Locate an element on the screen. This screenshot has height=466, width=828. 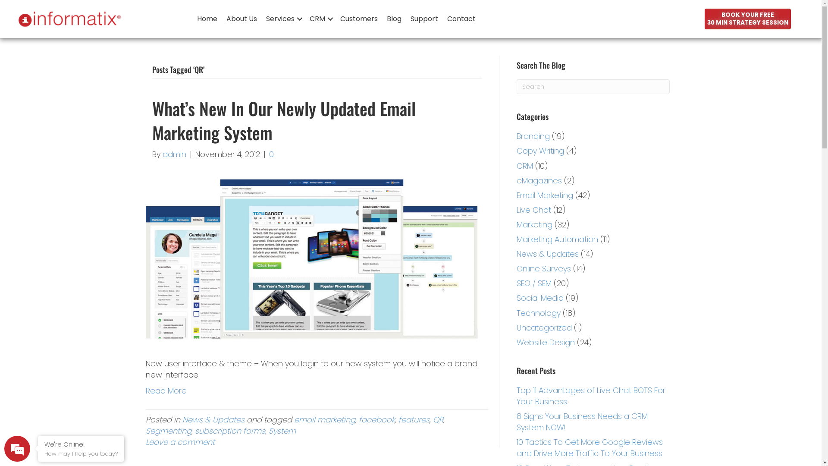
'Live Chat' is located at coordinates (533, 210).